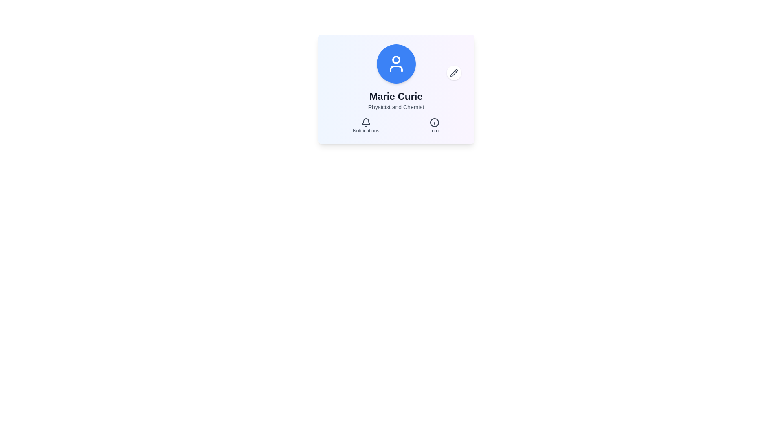  What do you see at coordinates (434, 122) in the screenshot?
I see `the circle component of the 'info' icon located at the bottom-right of the user profile card, which provides more information about the user profile` at bounding box center [434, 122].